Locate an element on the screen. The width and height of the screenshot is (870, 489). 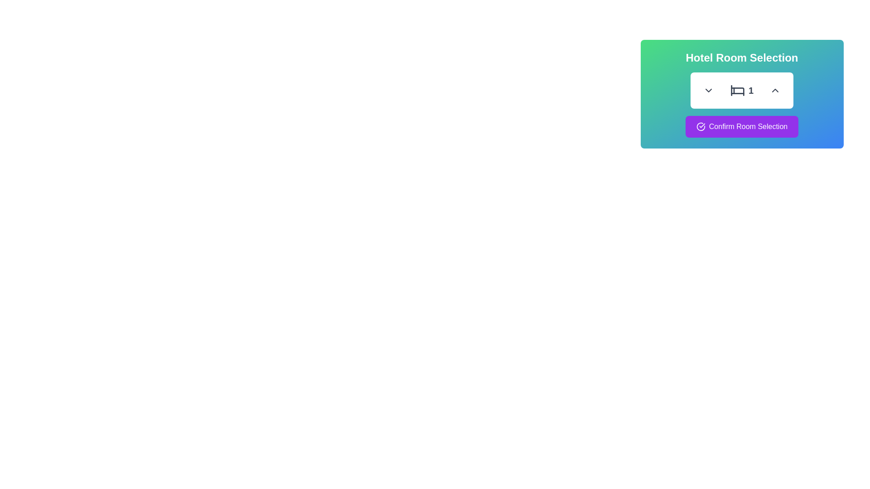
the graphical icon representing a bed, which is part of the hotel room selection panel is located at coordinates (737, 91).